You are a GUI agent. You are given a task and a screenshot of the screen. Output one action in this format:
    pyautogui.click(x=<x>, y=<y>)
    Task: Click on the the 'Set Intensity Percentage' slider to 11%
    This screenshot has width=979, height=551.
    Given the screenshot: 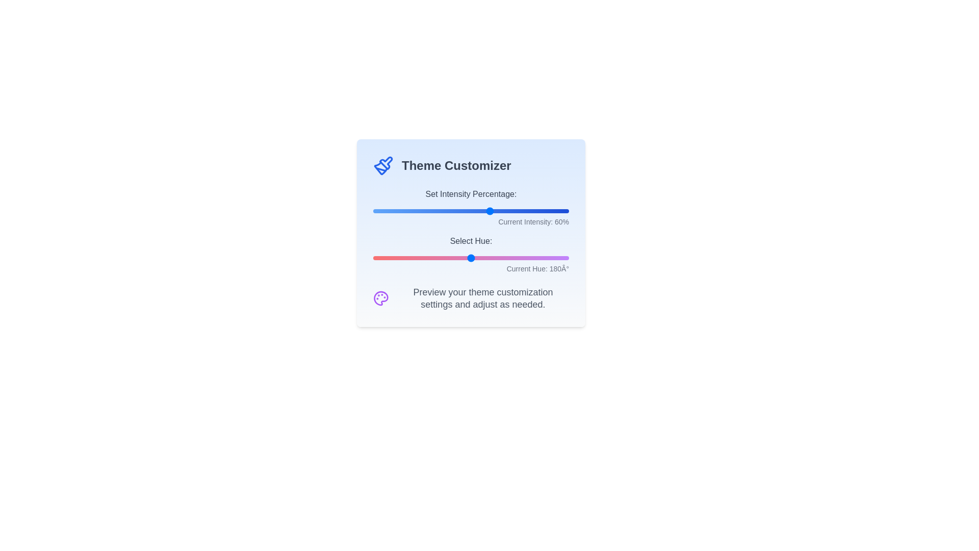 What is the action you would take?
    pyautogui.click(x=394, y=210)
    